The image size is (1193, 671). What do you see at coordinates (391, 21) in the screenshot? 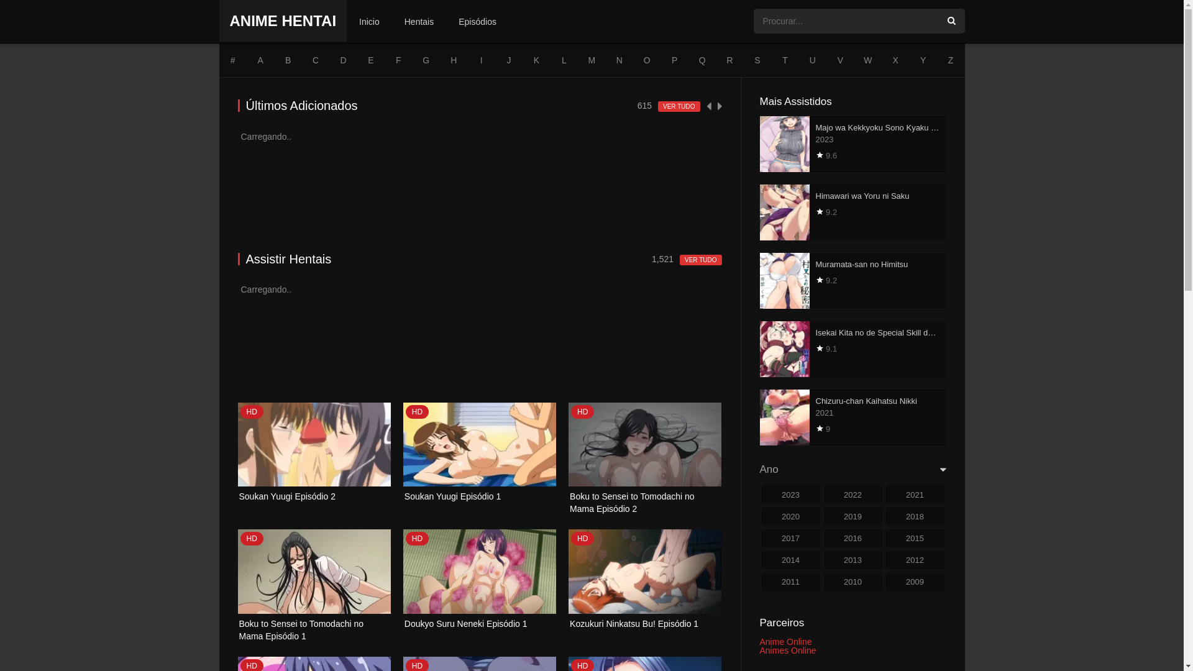
I see `'Hentais'` at bounding box center [391, 21].